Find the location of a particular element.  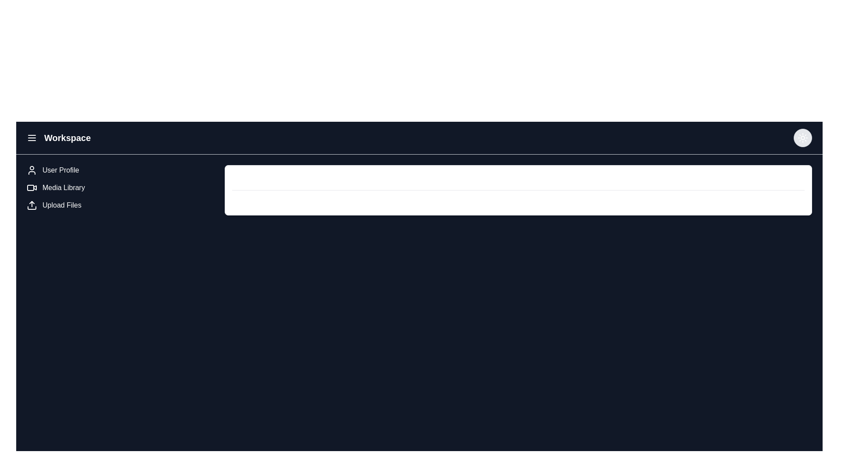

the 'Media Library' menu item, which is the second item in the vertical list of menu options on the left sidebar is located at coordinates (63, 187).